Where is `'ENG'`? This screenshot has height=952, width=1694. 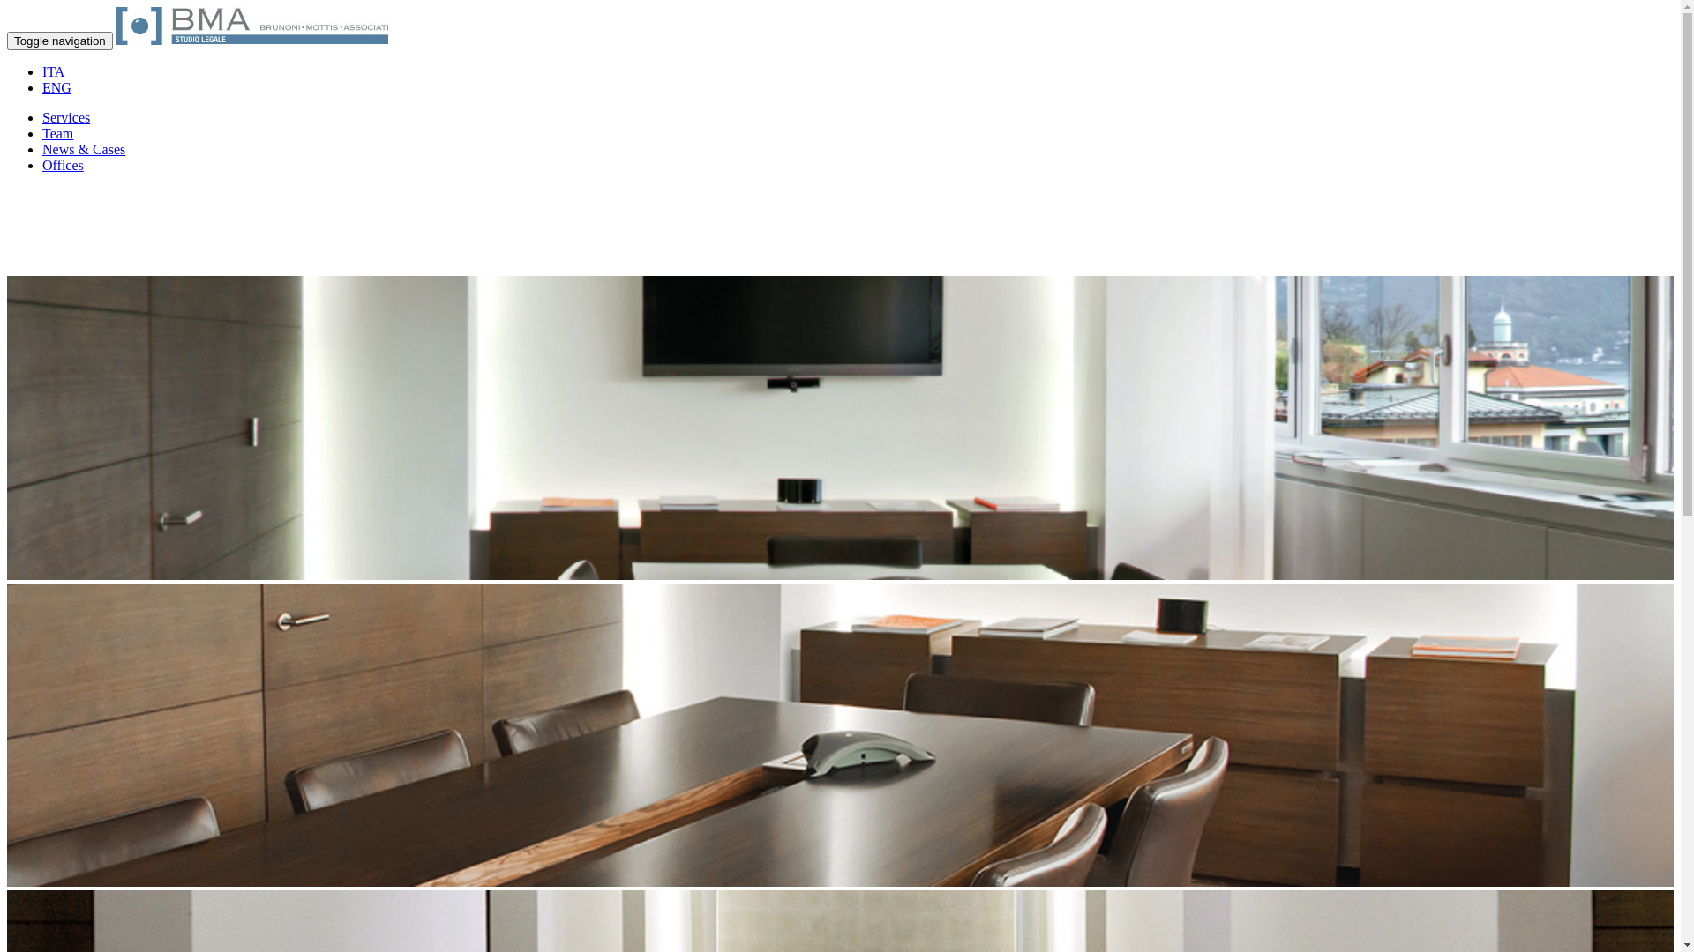 'ENG' is located at coordinates (42, 87).